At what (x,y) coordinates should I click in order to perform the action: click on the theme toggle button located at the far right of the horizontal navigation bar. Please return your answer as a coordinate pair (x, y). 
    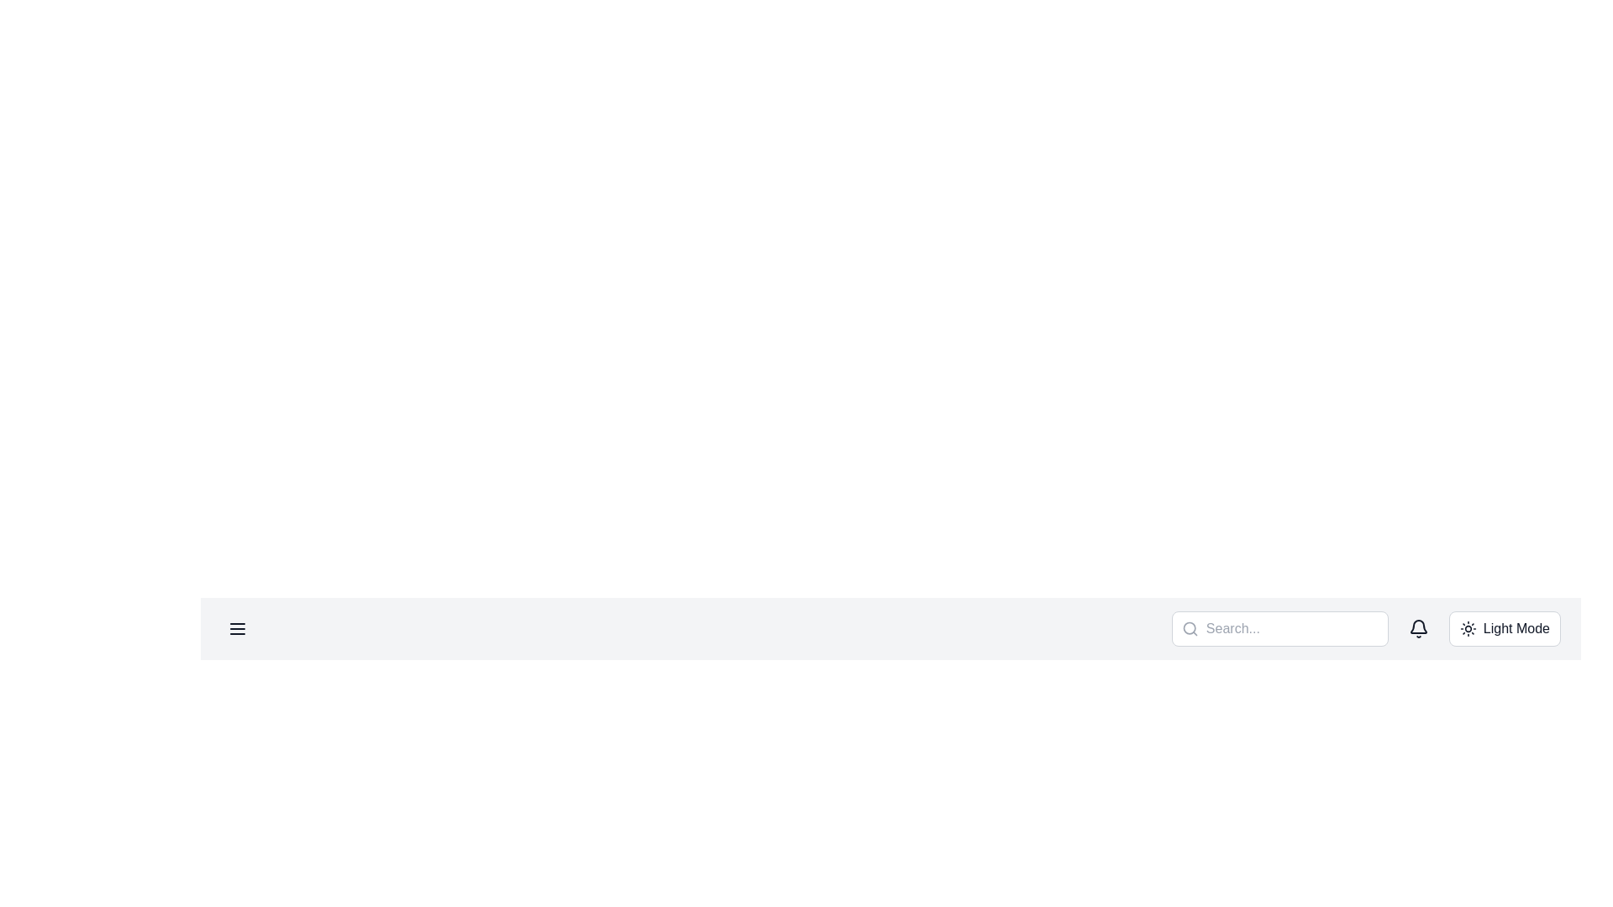
    Looking at the image, I should click on (1505, 628).